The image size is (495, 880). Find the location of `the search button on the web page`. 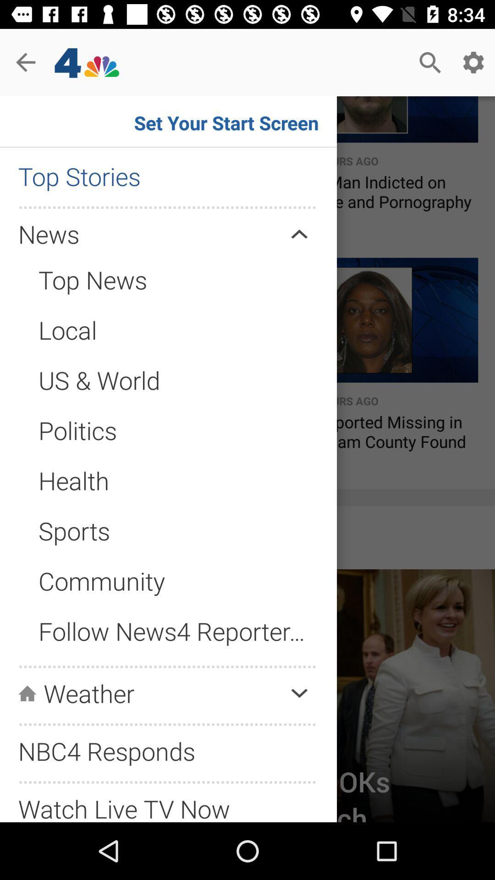

the search button on the web page is located at coordinates (430, 62).